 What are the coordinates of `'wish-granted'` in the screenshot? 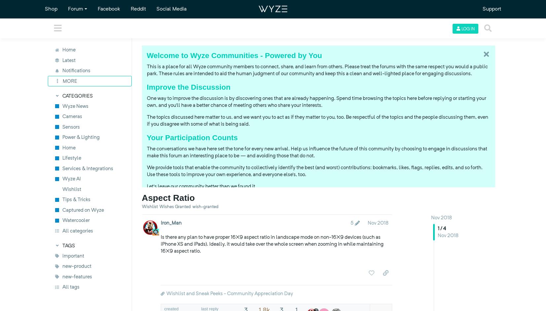 It's located at (205, 206).